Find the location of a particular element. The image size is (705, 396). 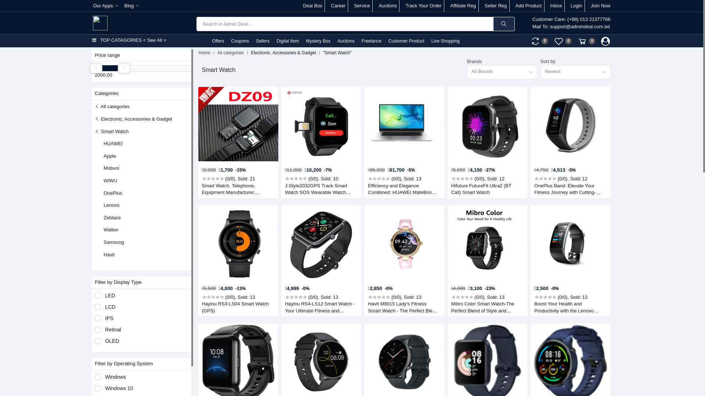

'Our Apps' is located at coordinates (105, 5).